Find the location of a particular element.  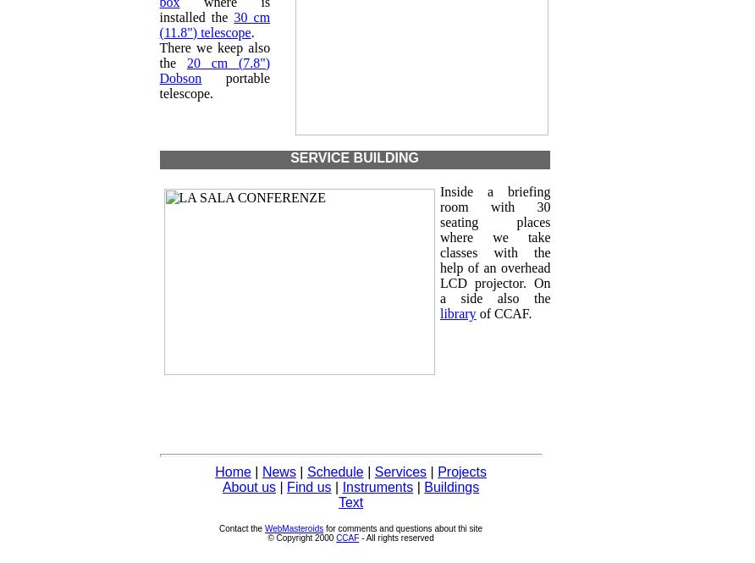

'© Copyright 2000' is located at coordinates (300, 537).